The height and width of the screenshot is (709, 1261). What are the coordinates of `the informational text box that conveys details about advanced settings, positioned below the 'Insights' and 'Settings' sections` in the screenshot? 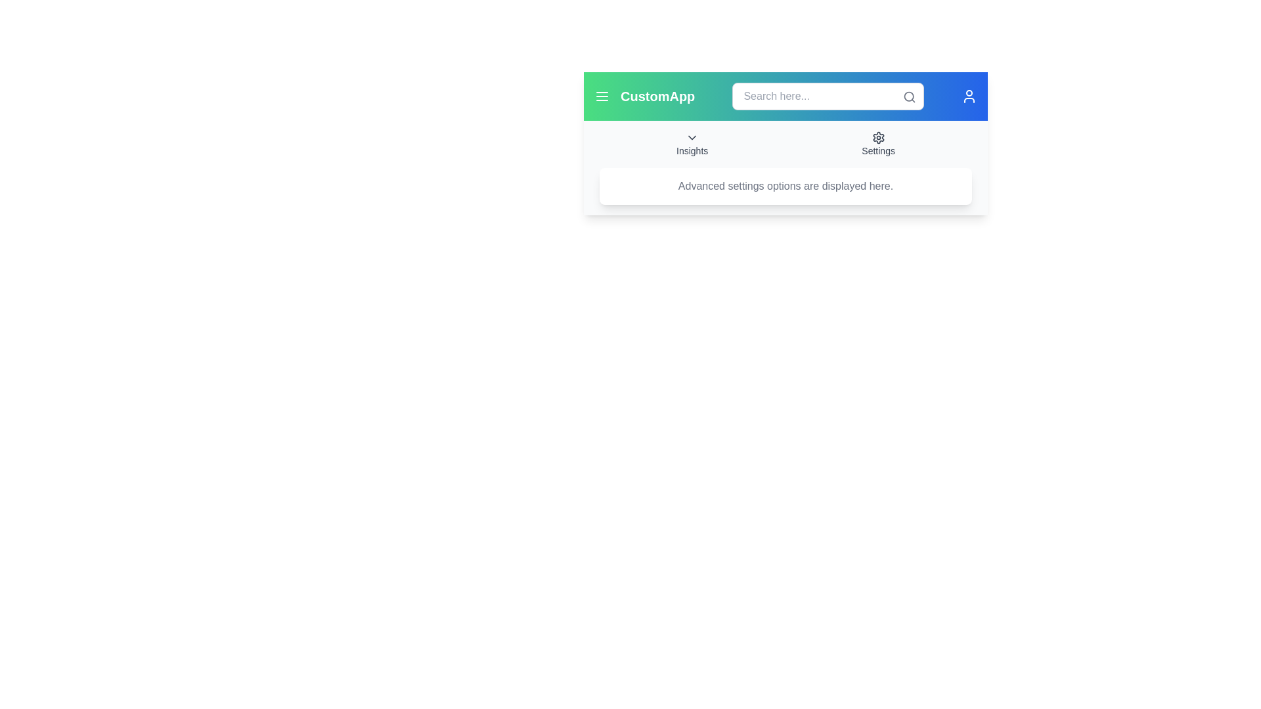 It's located at (785, 186).